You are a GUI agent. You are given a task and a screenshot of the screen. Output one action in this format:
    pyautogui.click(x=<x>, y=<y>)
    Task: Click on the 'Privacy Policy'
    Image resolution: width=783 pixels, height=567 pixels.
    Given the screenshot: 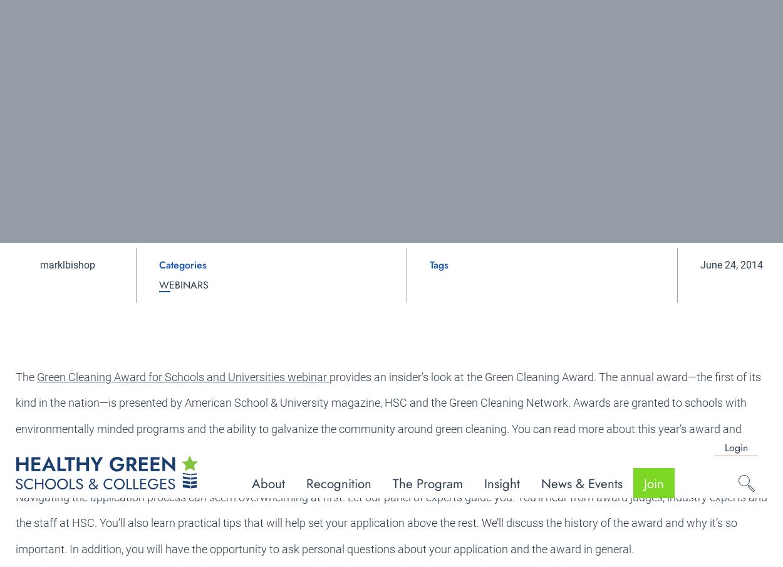 What is the action you would take?
    pyautogui.click(x=684, y=523)
    